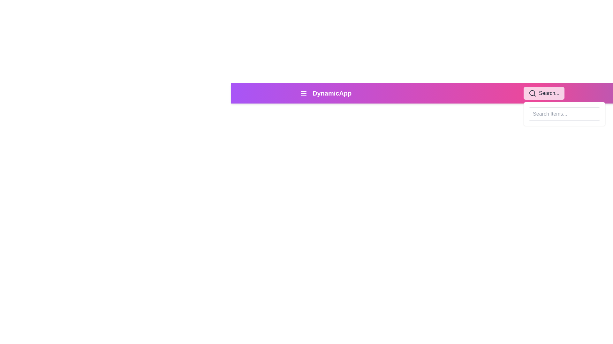  Describe the element at coordinates (332, 93) in the screenshot. I see `the 'DynamicApp' text label, which is displayed in bold, extra-large font within the top navigation bar, located to the right of the hamburger menu icon` at that location.